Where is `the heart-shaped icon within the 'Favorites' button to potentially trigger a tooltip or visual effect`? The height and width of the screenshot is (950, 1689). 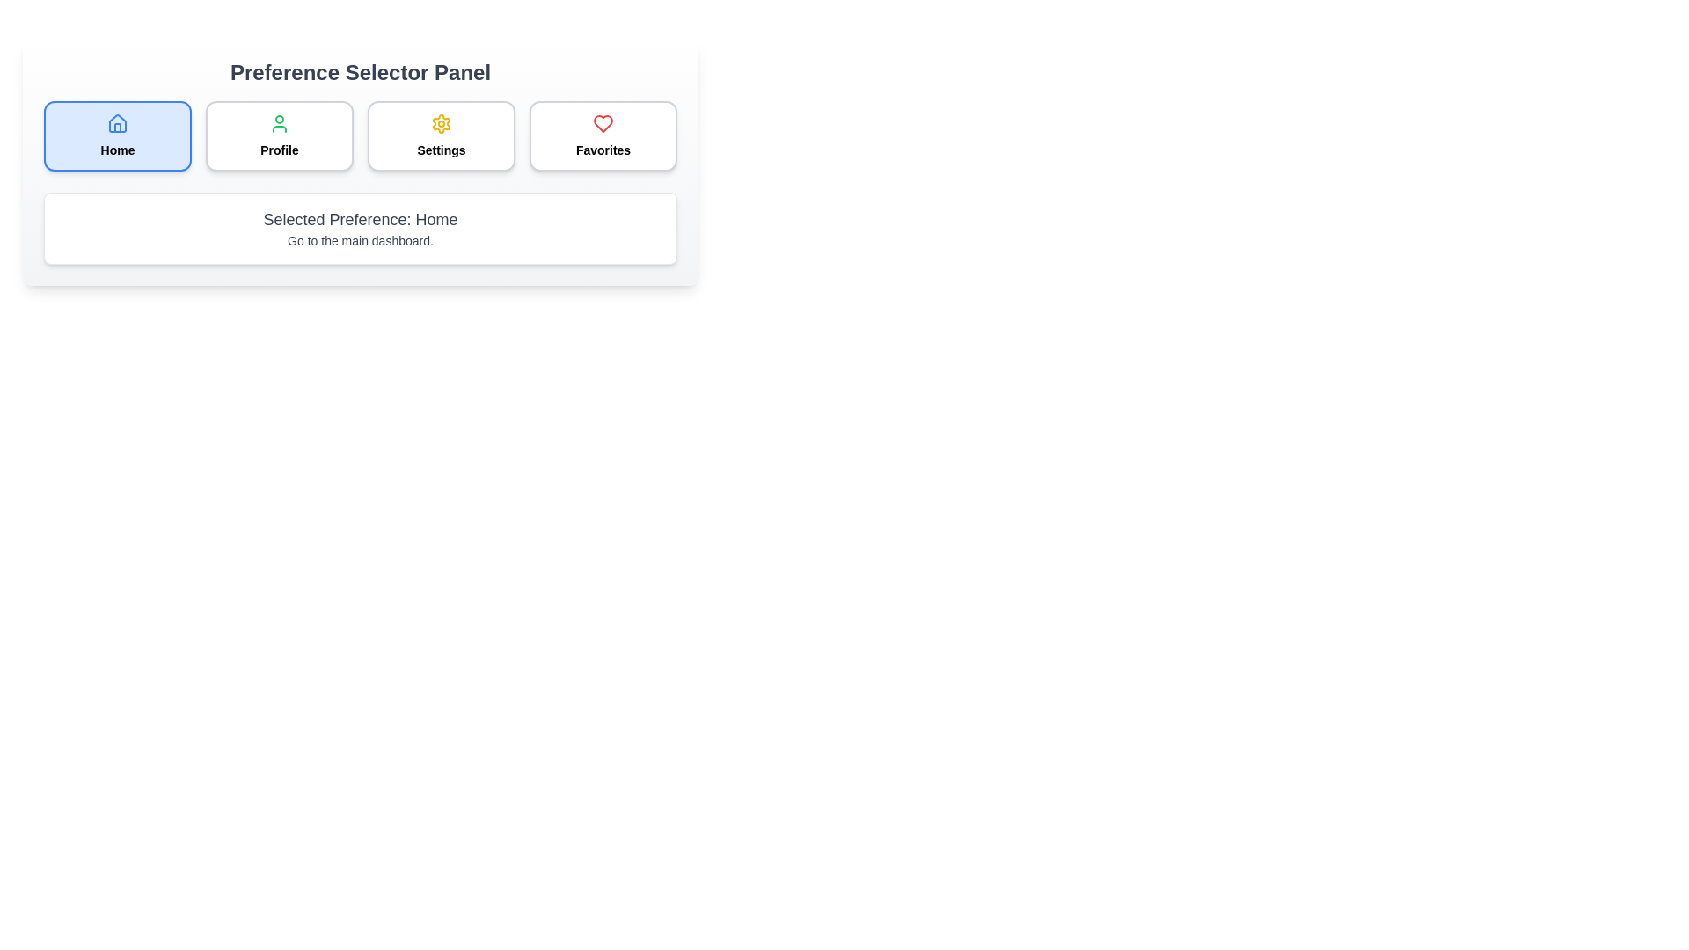 the heart-shaped icon within the 'Favorites' button to potentially trigger a tooltip or visual effect is located at coordinates (603, 123).